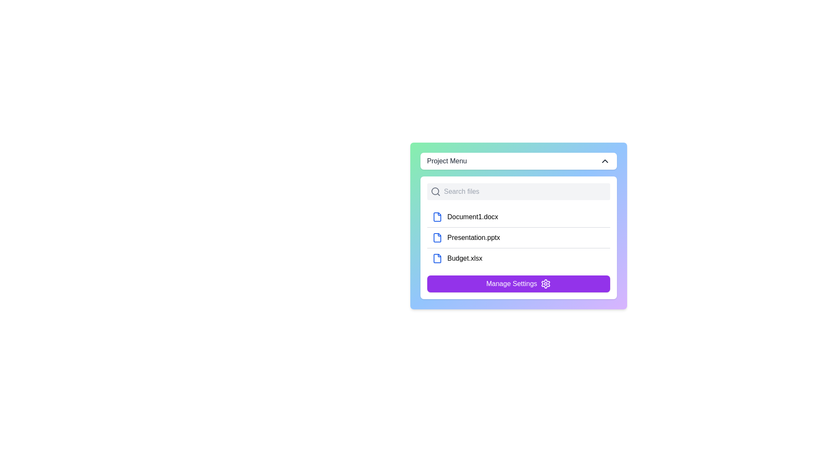 The width and height of the screenshot is (813, 457). Describe the element at coordinates (545, 284) in the screenshot. I see `the gear icon located on the far-right side of the 'Manage Settings' button` at that location.